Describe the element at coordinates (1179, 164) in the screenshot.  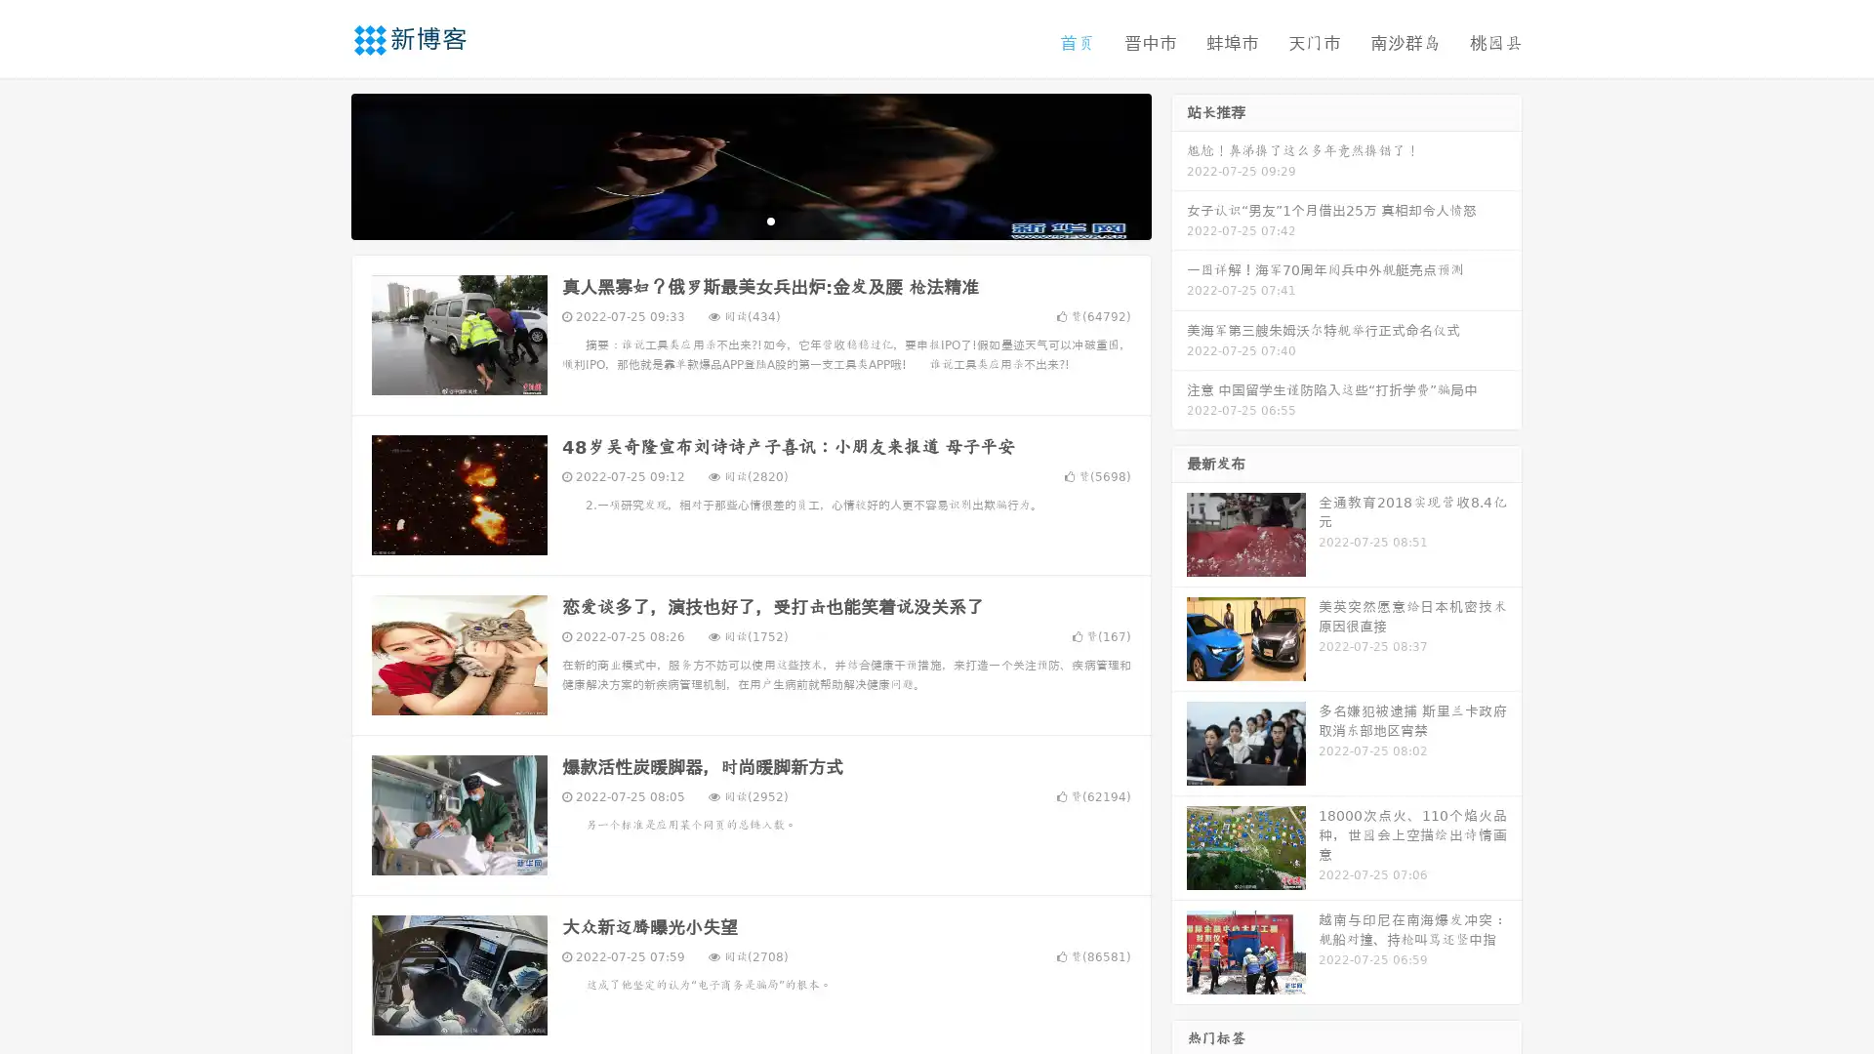
I see `Next slide` at that location.